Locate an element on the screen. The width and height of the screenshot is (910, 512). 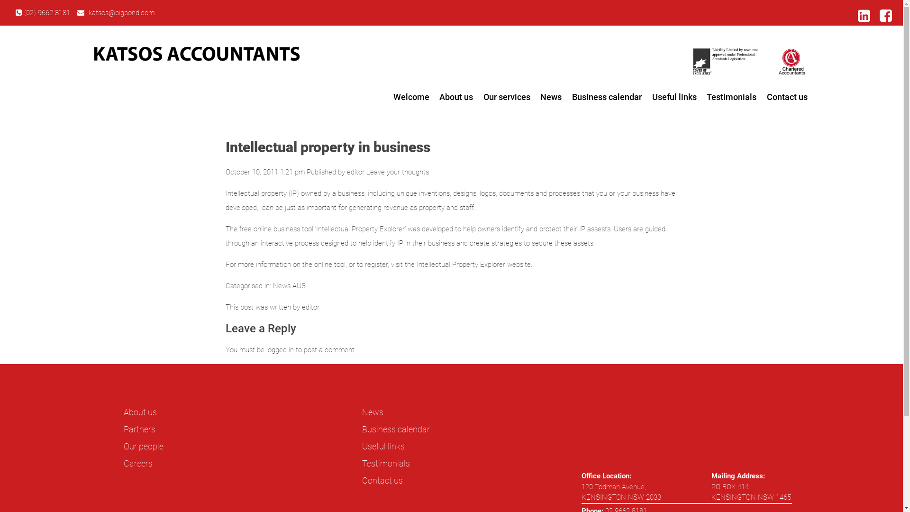
'About us' is located at coordinates (456, 97).